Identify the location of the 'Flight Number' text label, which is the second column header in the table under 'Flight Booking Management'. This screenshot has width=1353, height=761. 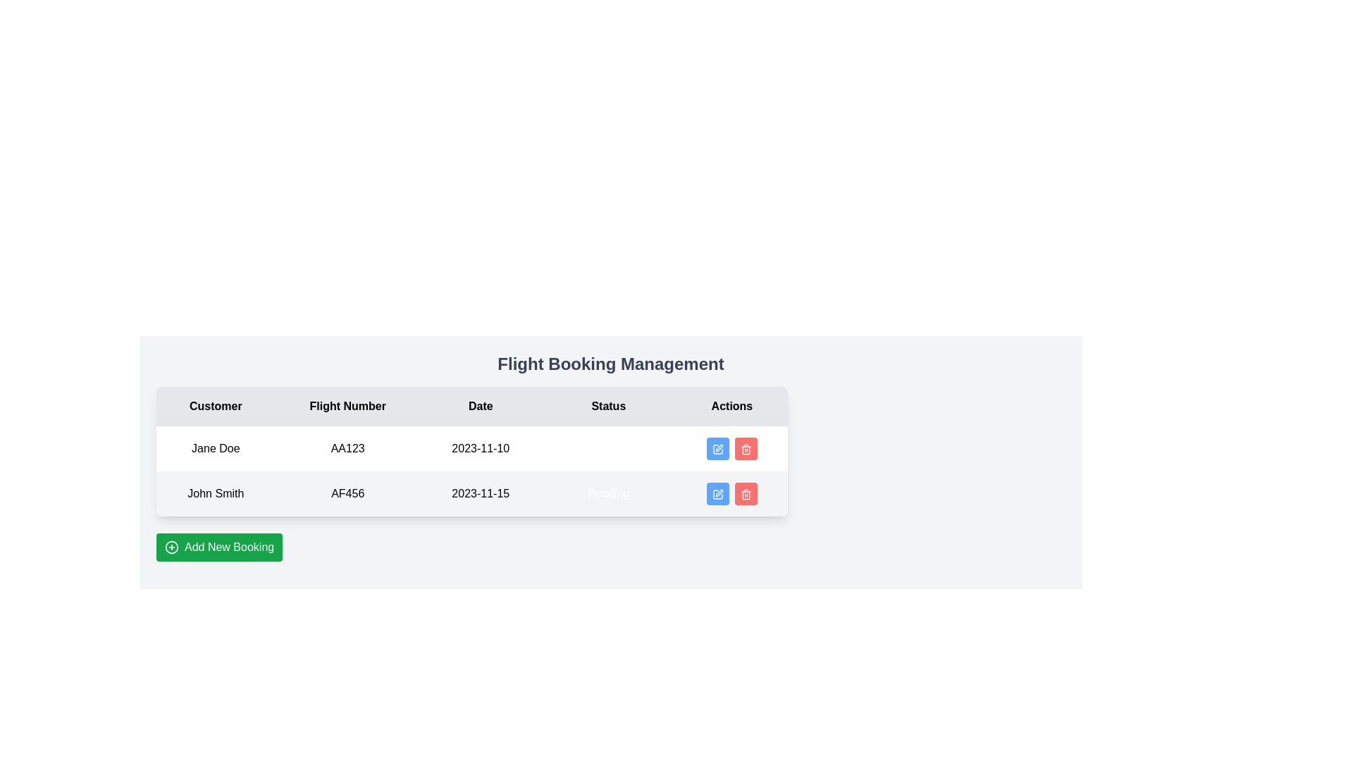
(347, 407).